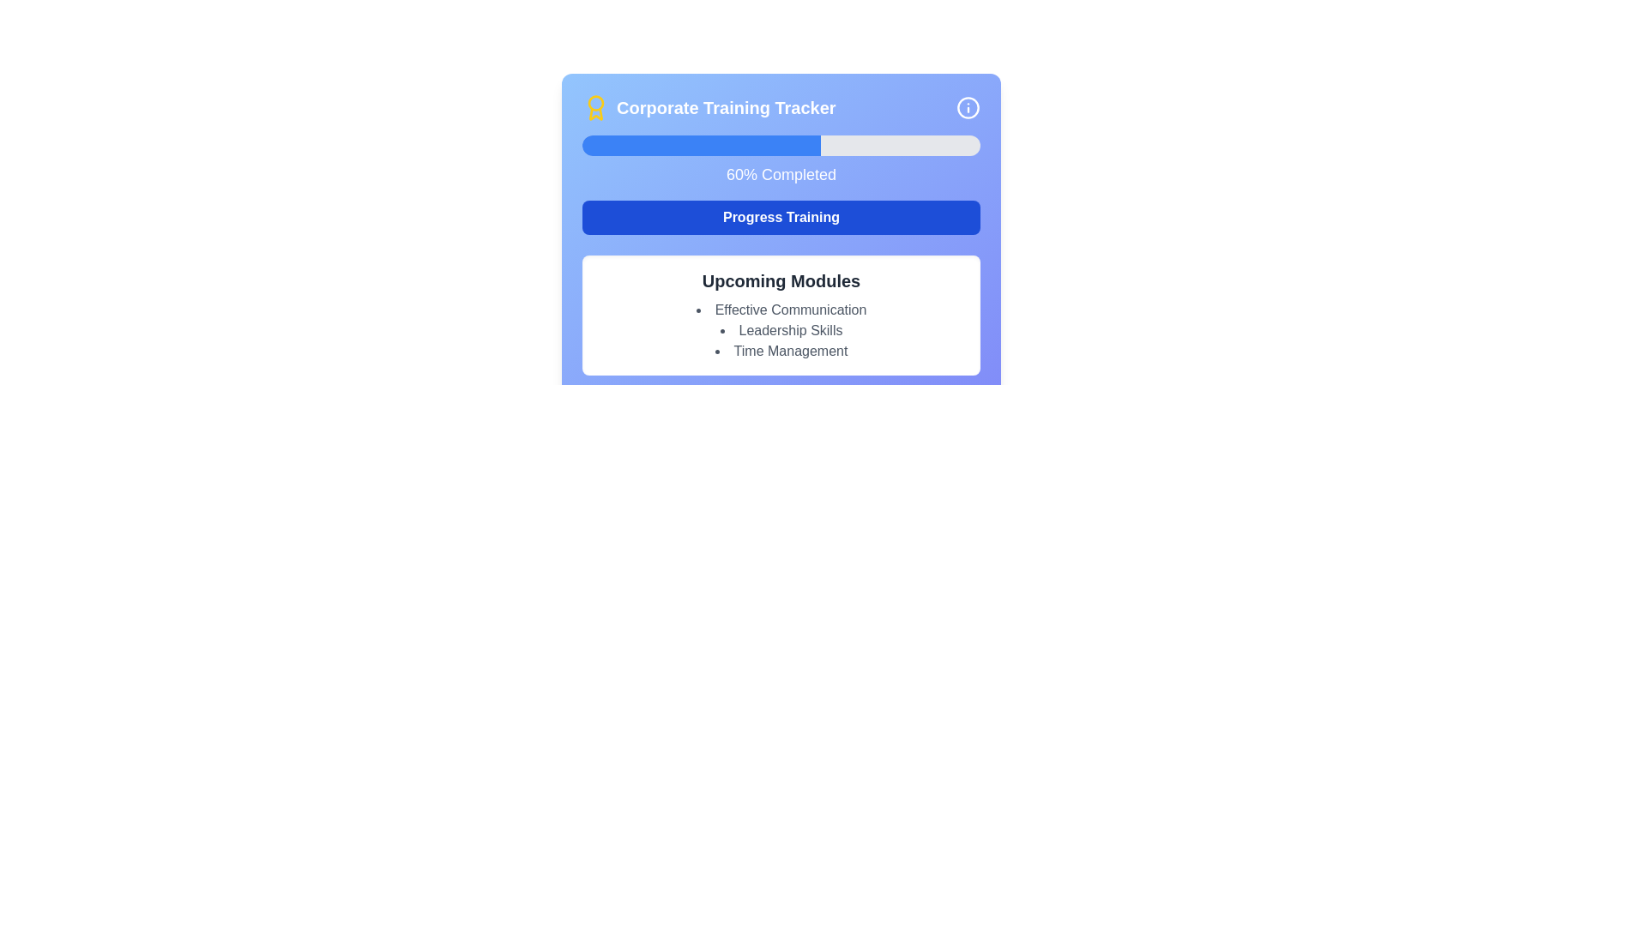 This screenshot has height=926, width=1647. What do you see at coordinates (781, 175) in the screenshot?
I see `the text label displaying '60% Completed' in a white sans-serif font, located in the center of the 'Corporate Training Tracker' card, positioned below the progress bar and above the 'Progress Training' button` at bounding box center [781, 175].